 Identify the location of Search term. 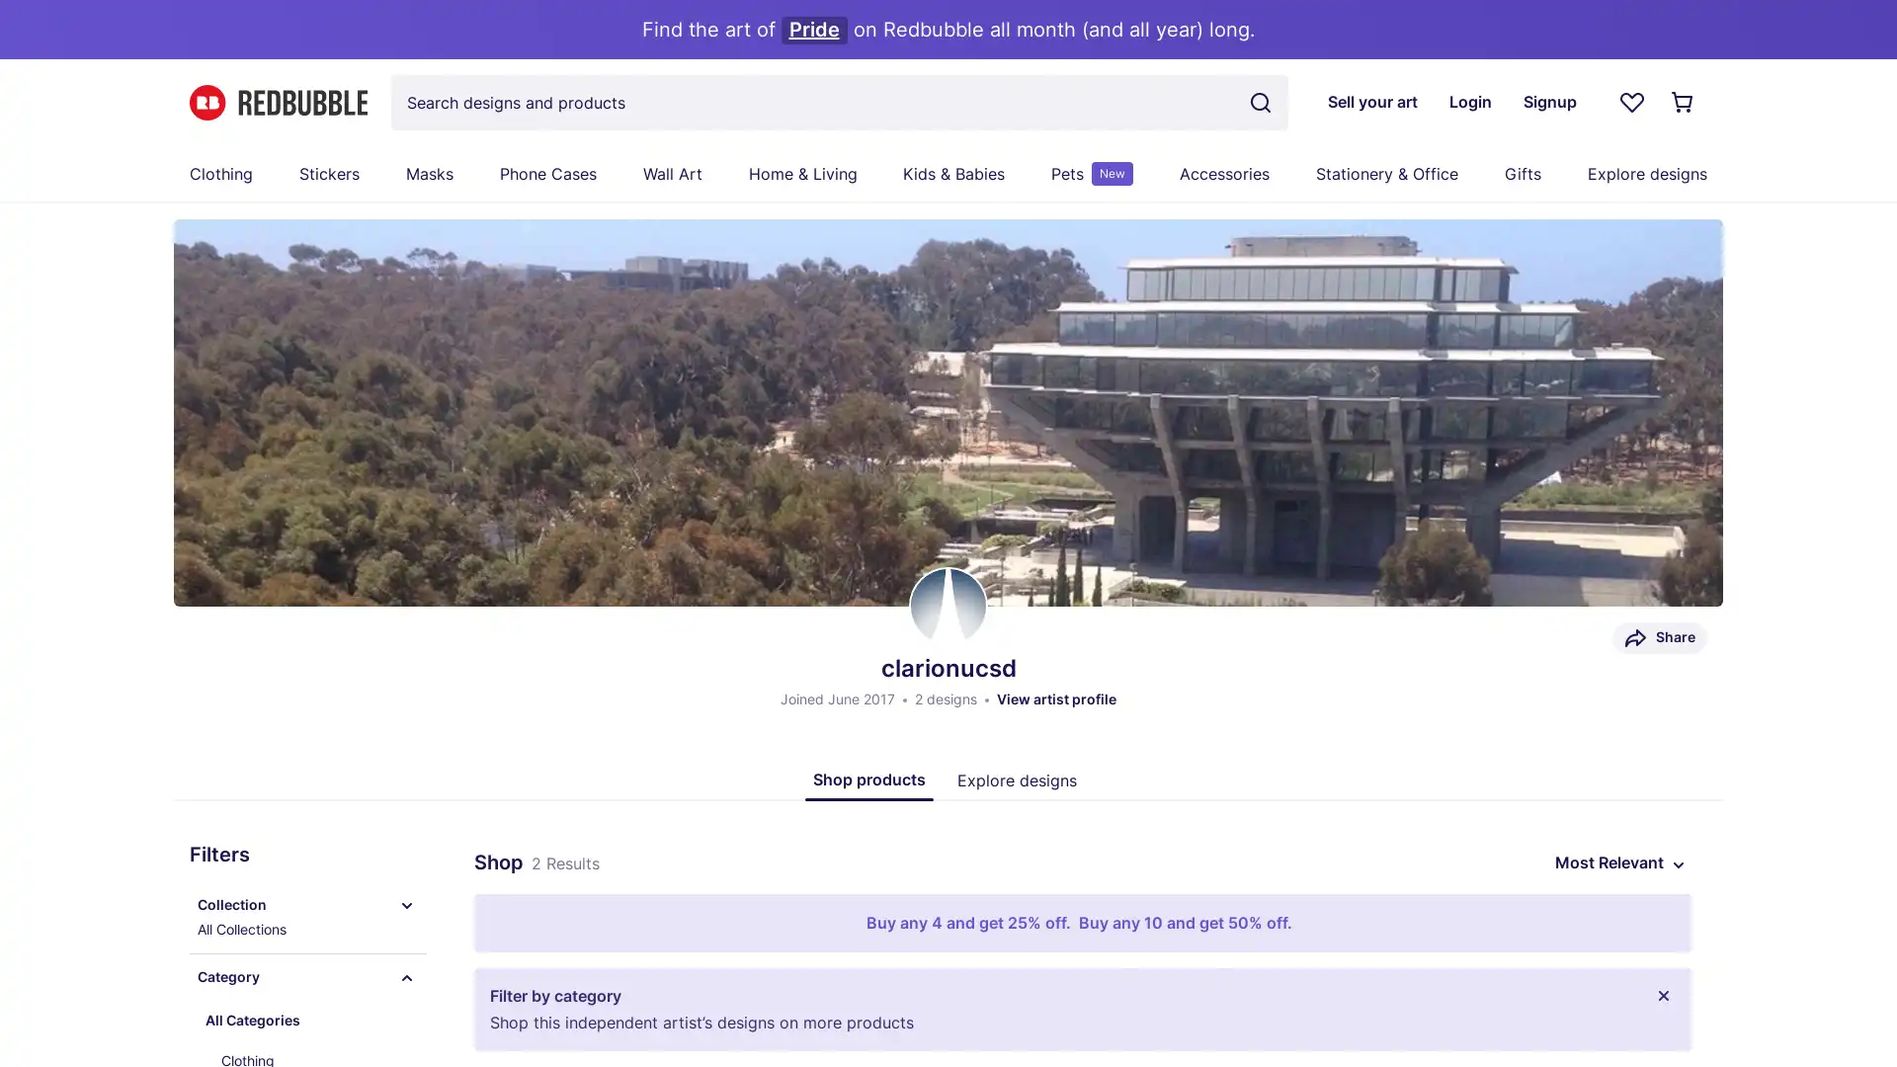
(1260, 103).